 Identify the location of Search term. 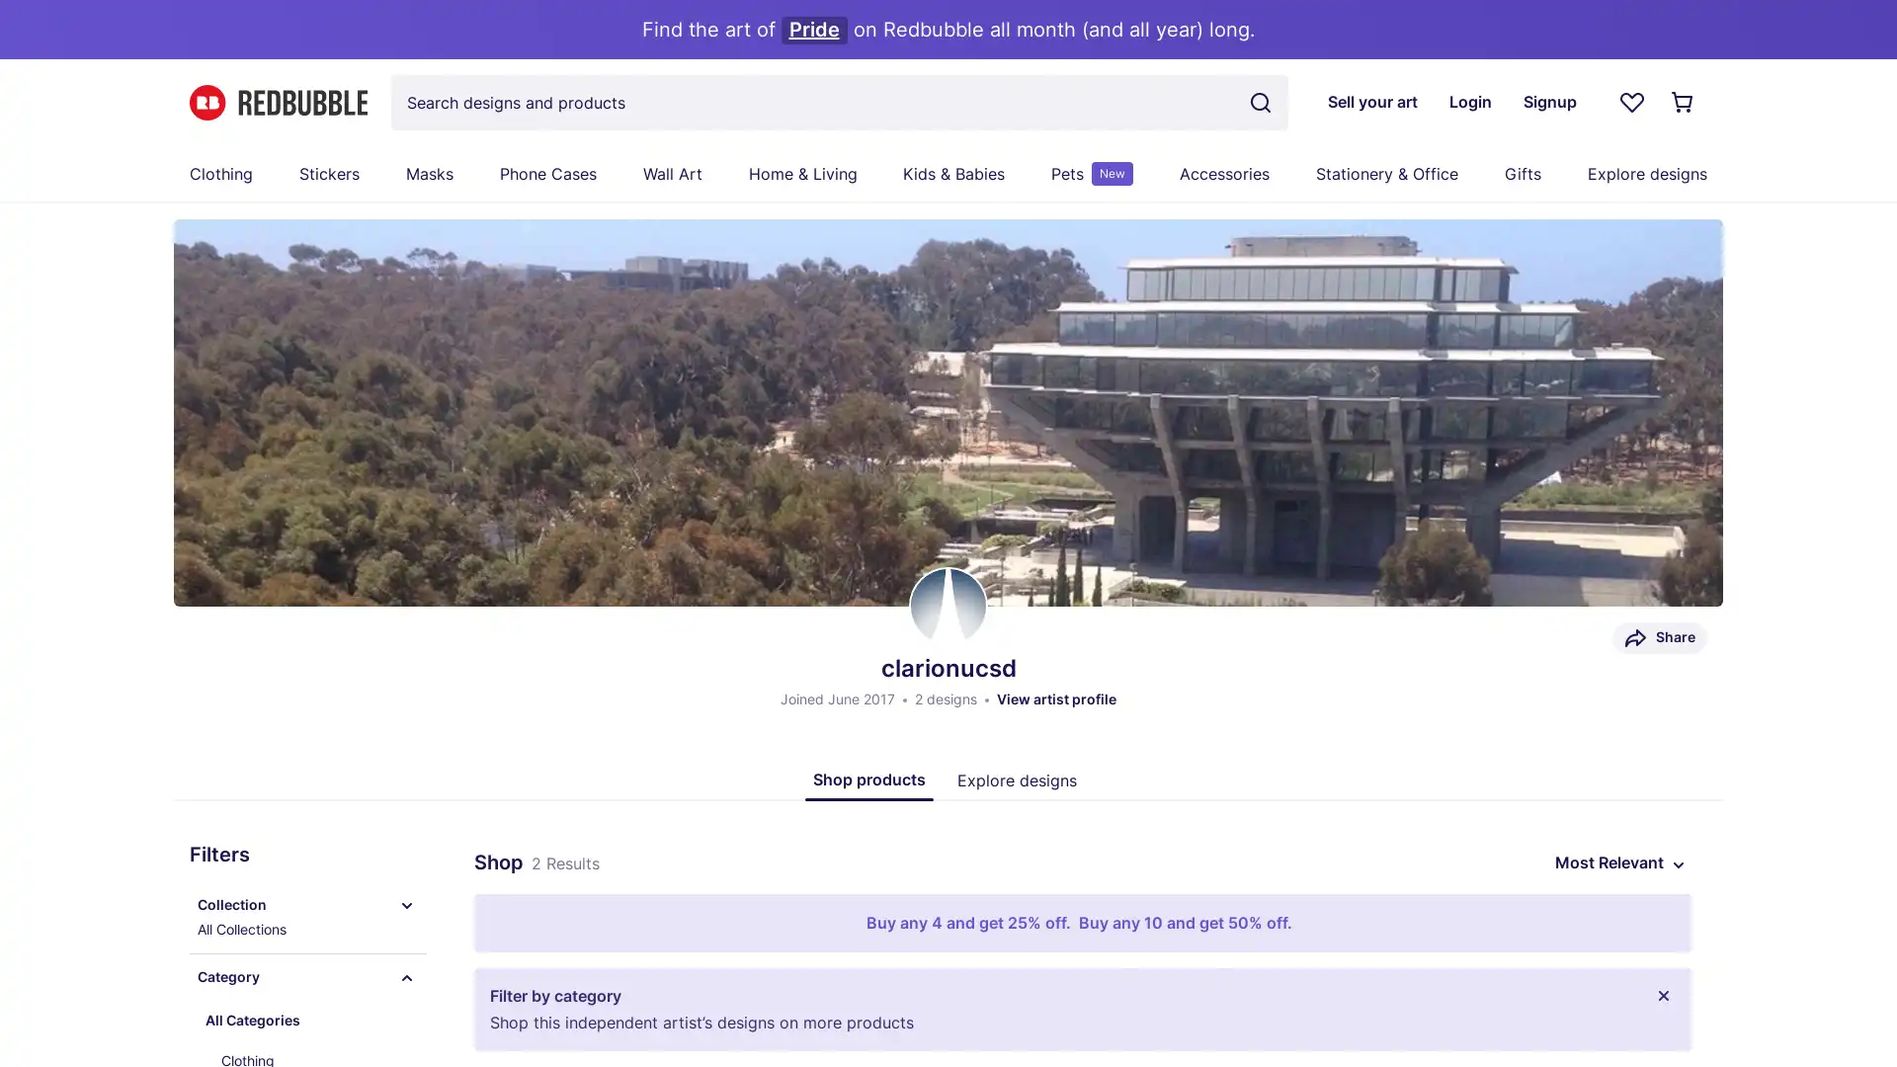
(1260, 103).